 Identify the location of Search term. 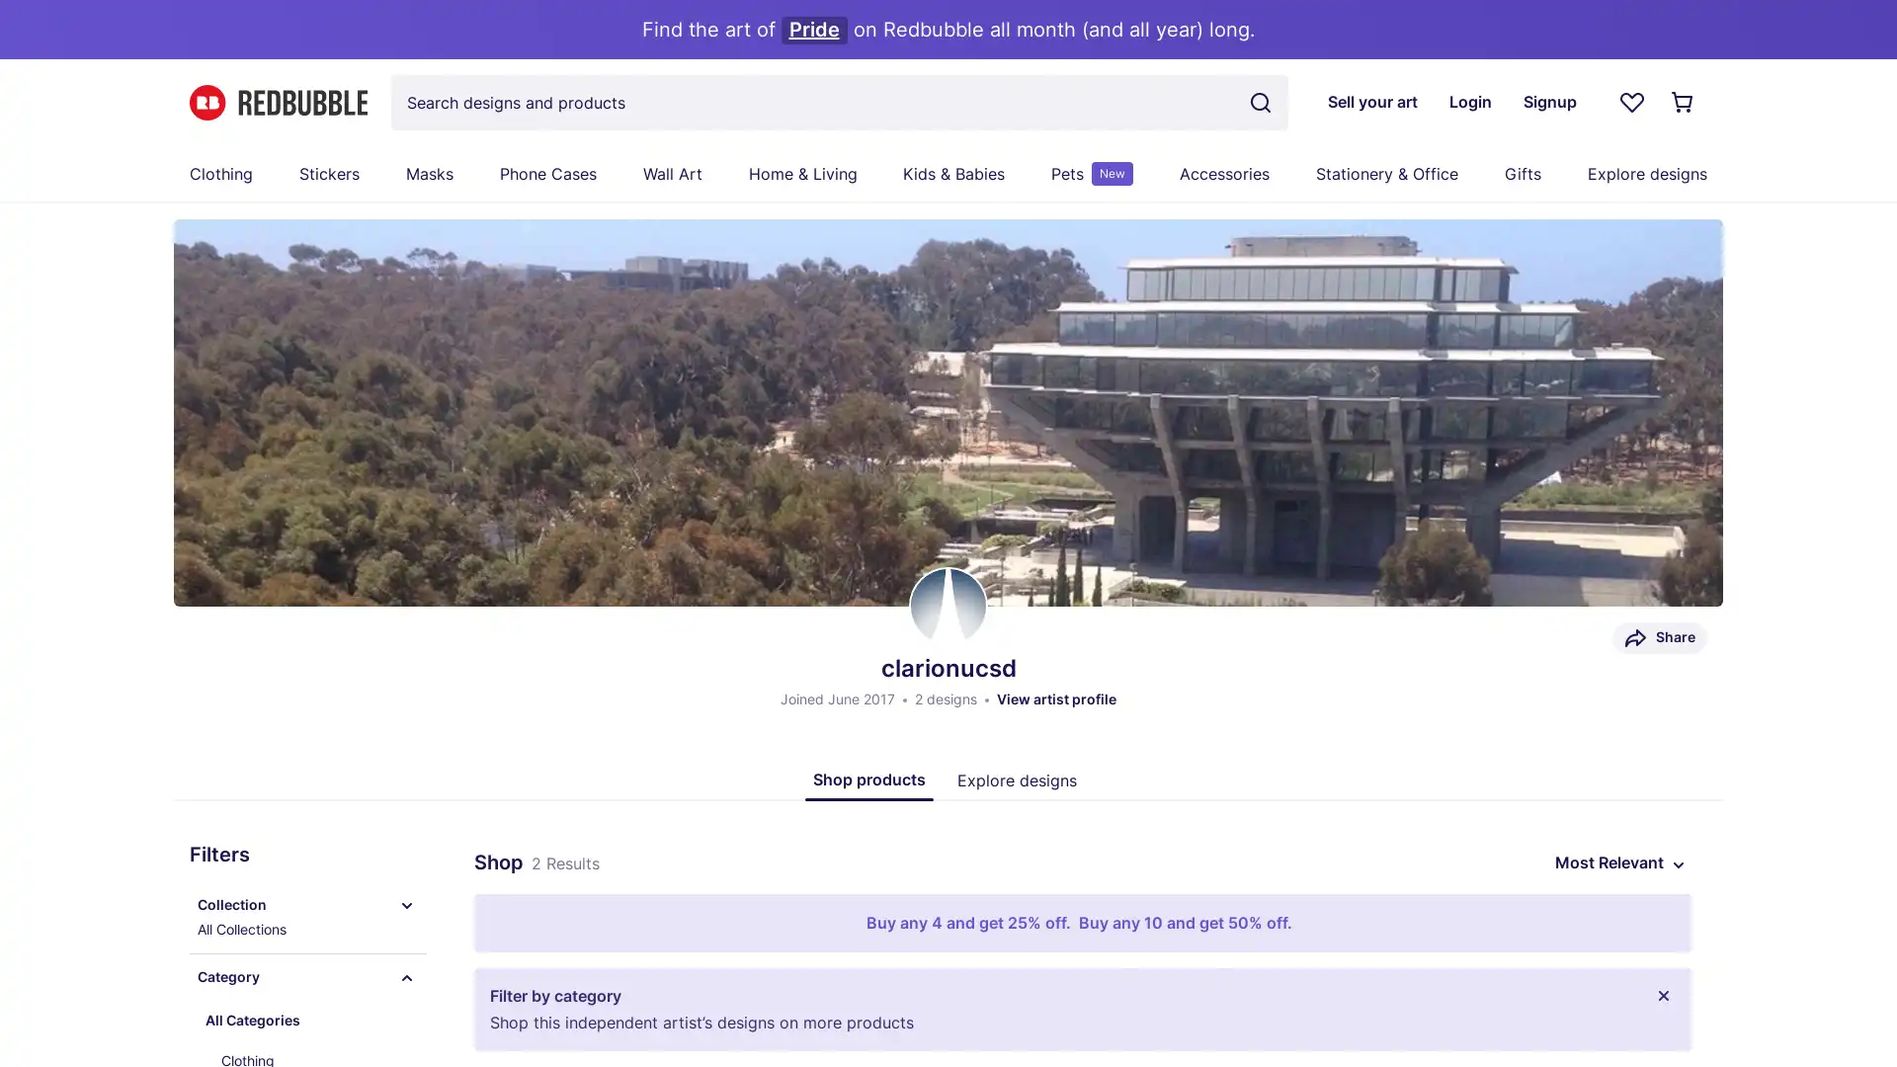
(1260, 103).